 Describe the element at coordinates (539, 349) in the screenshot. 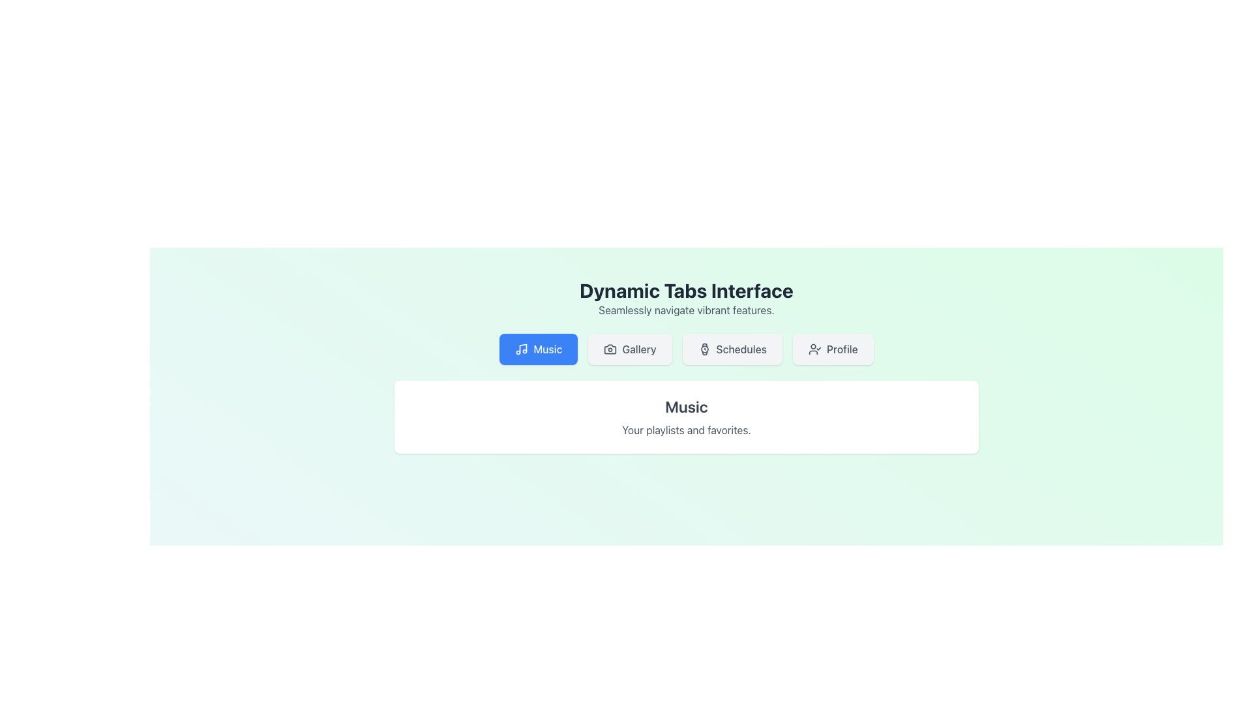

I see `the 'Music' button, the first button in a horizontal row of navigation buttons` at that location.